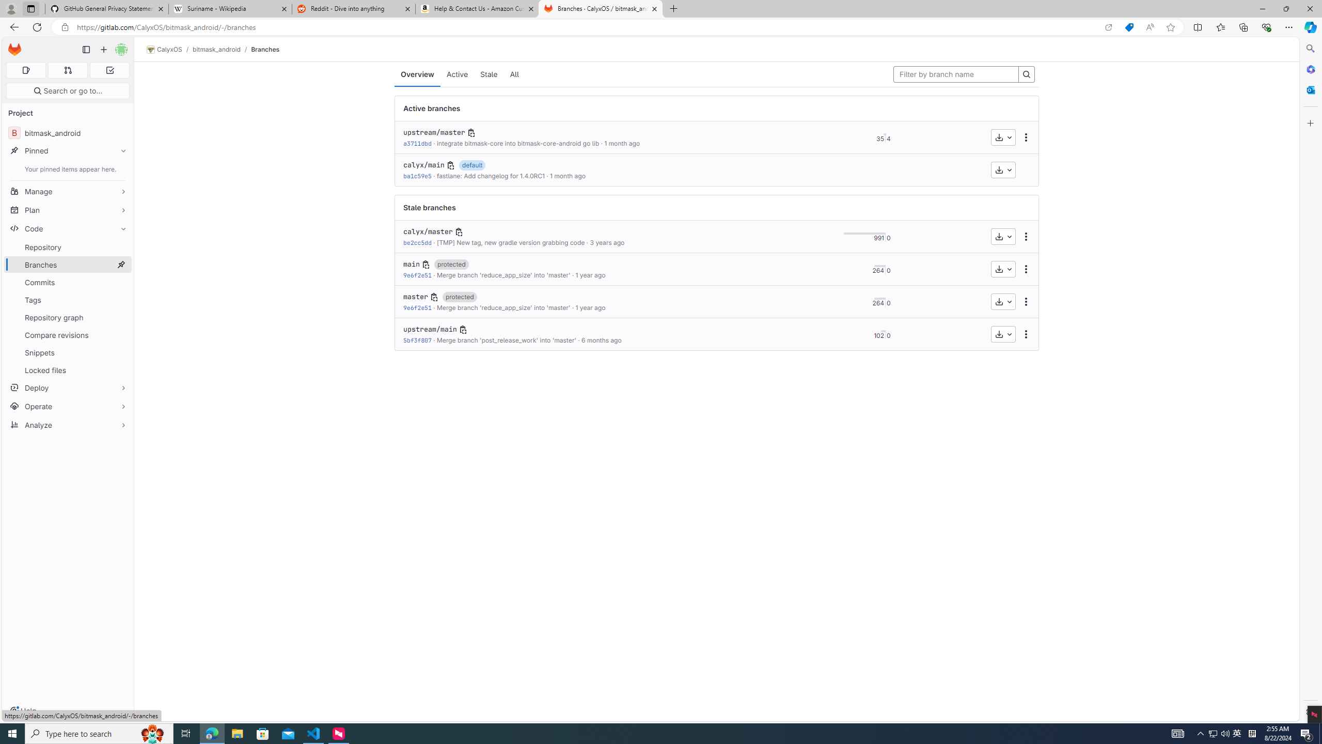 The image size is (1322, 744). I want to click on 'Overview', so click(417, 74).